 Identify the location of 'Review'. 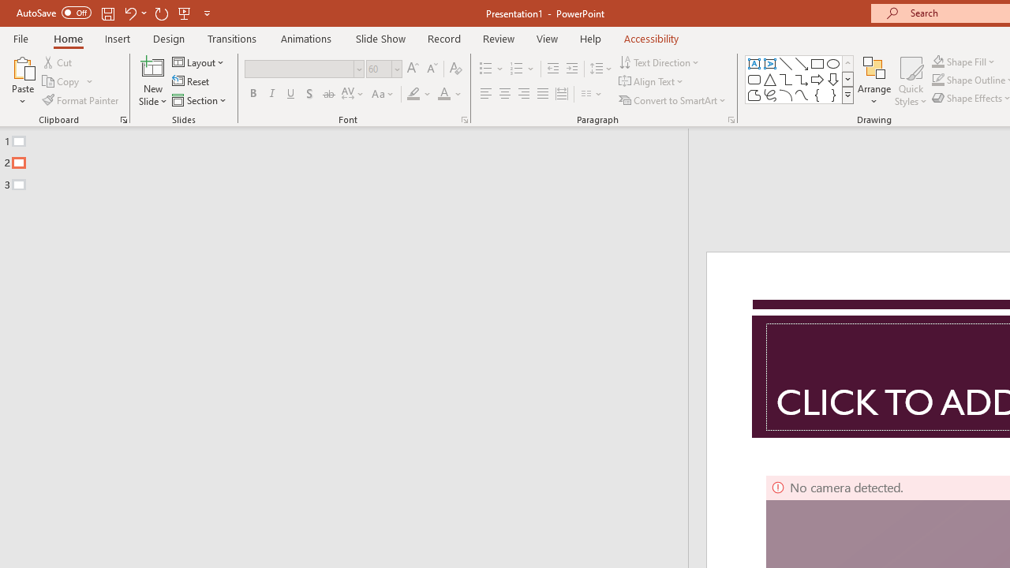
(497, 38).